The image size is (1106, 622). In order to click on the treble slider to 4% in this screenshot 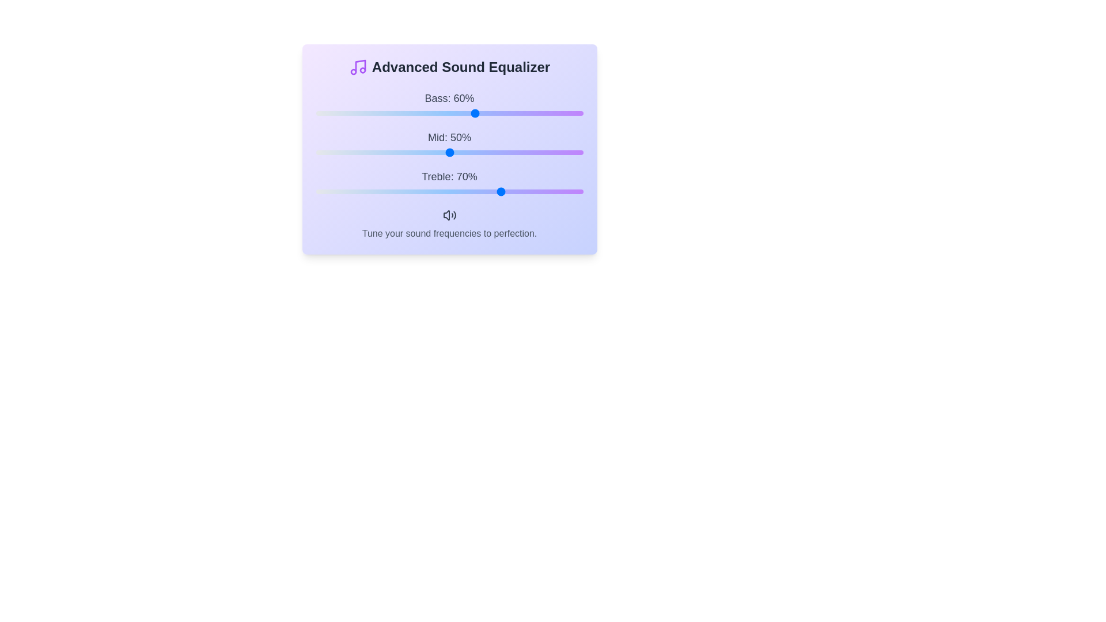, I will do `click(325, 191)`.